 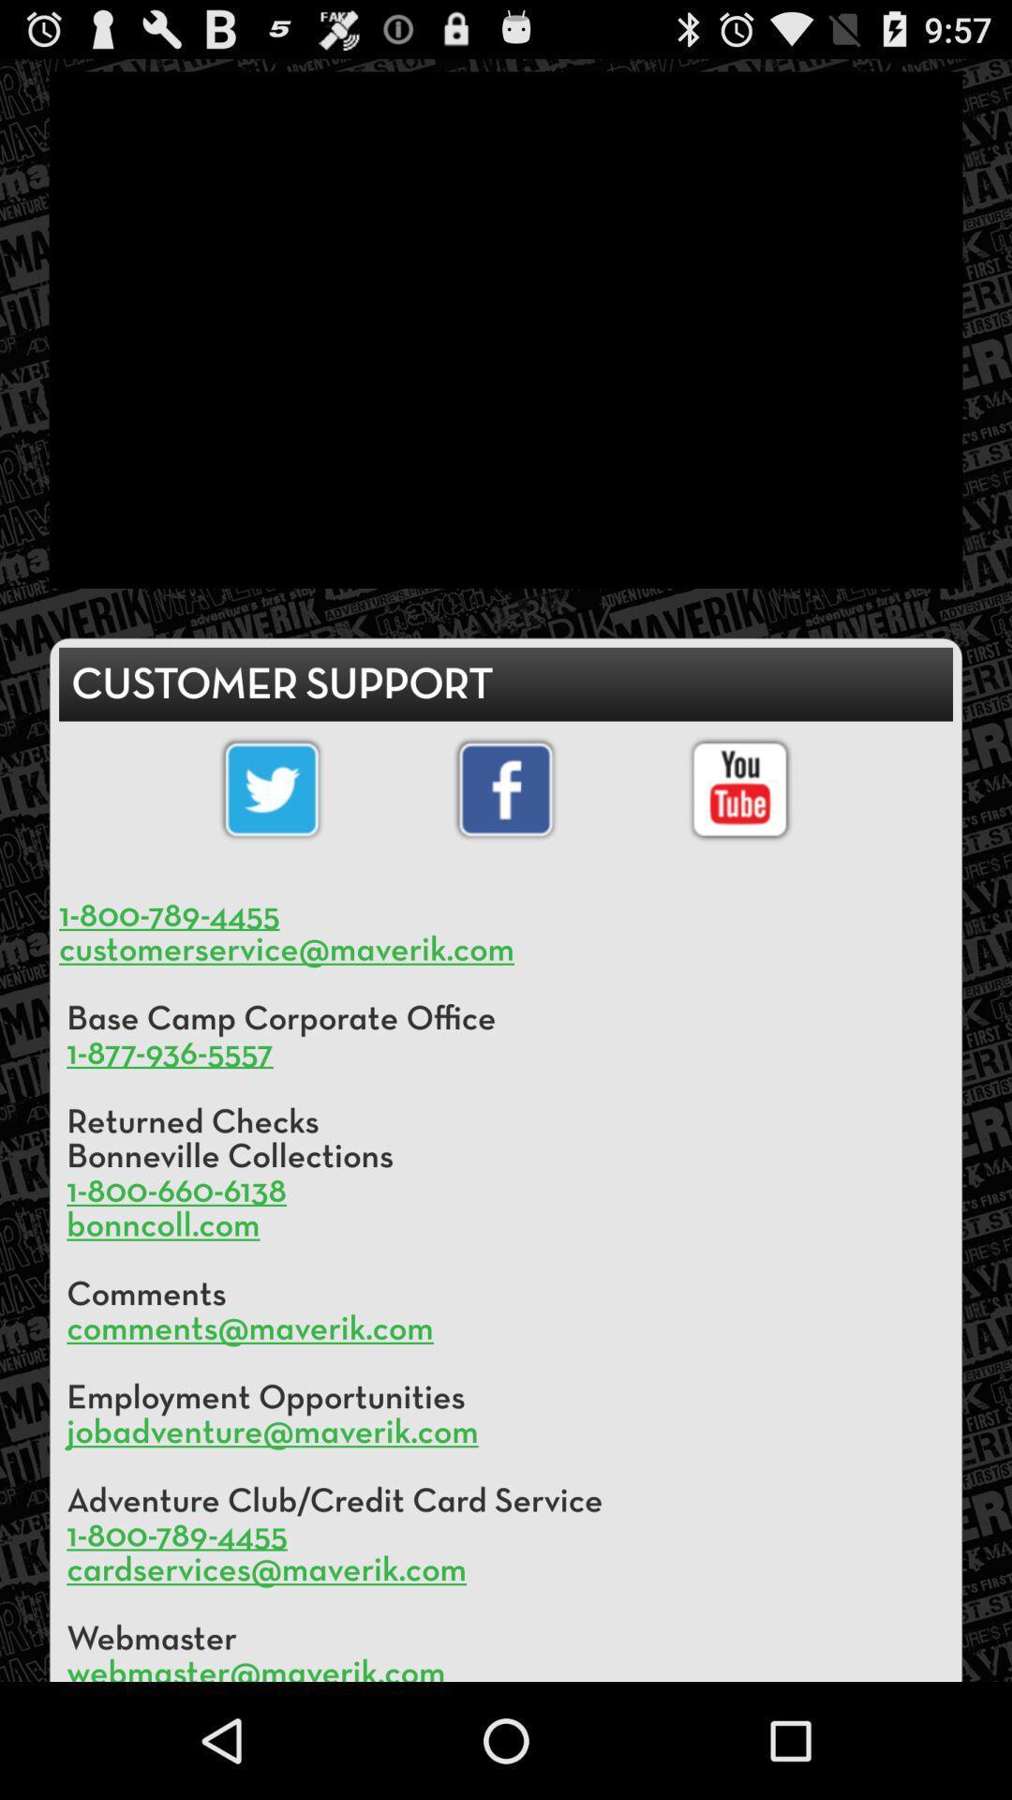 What do you see at coordinates (272, 844) in the screenshot?
I see `the twitter icon` at bounding box center [272, 844].